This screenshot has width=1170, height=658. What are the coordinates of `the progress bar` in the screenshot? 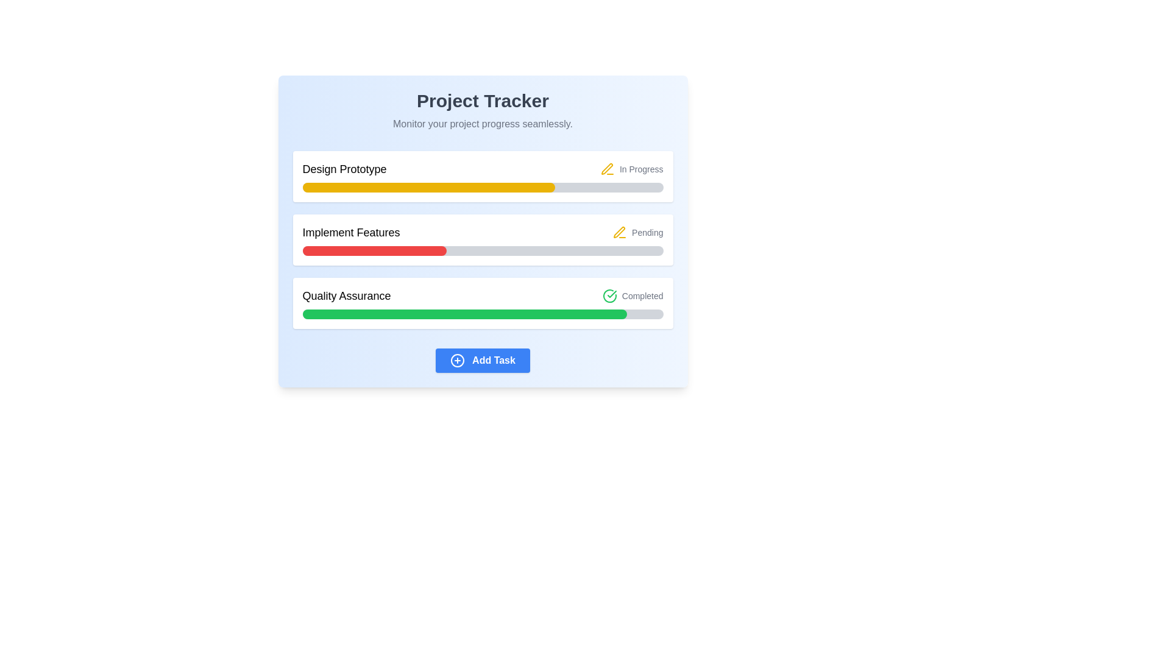 It's located at (464, 188).